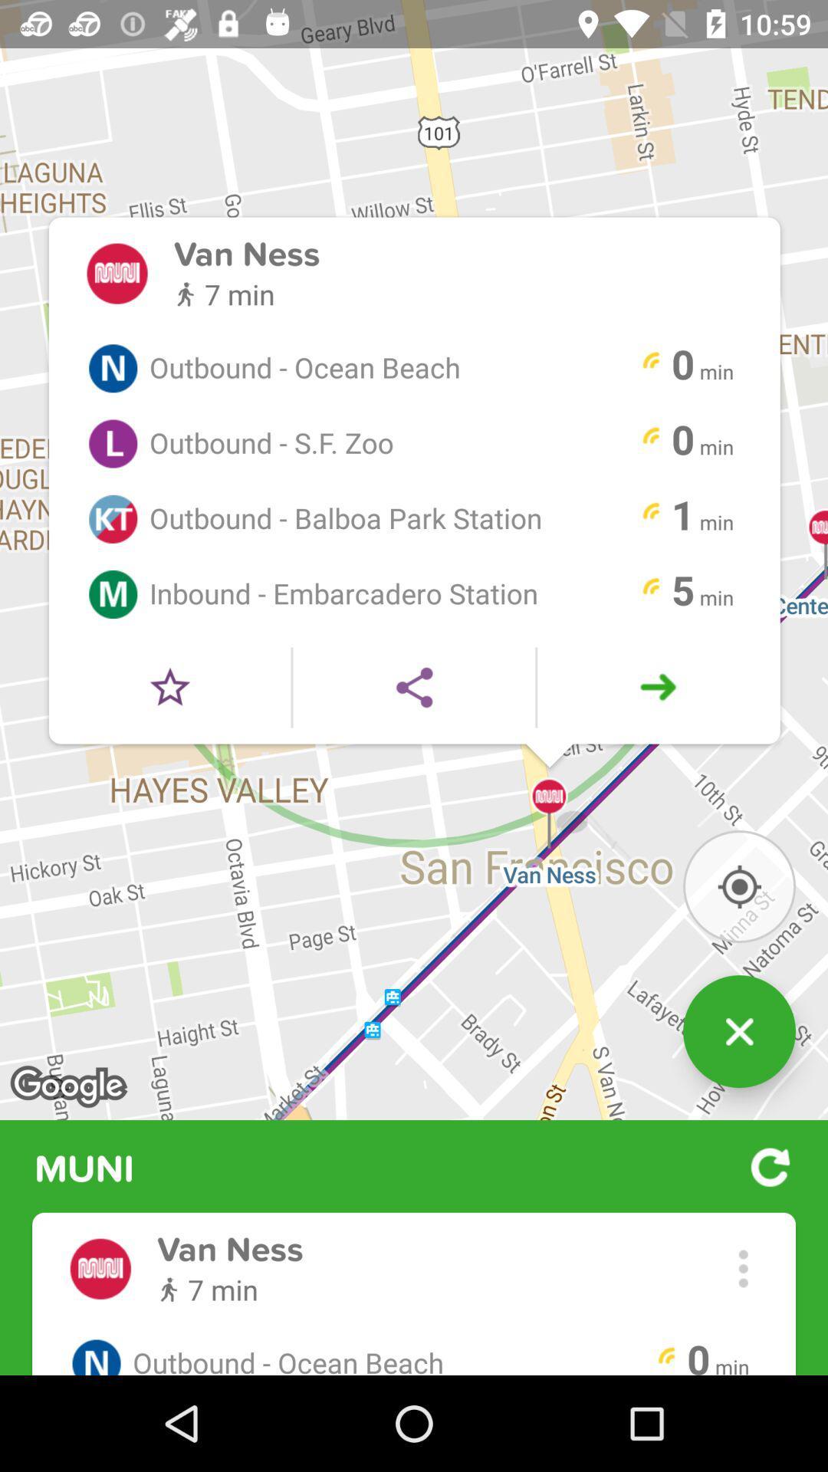 This screenshot has height=1472, width=828. Describe the element at coordinates (770, 1167) in the screenshot. I see `the button which is next to the muni` at that location.